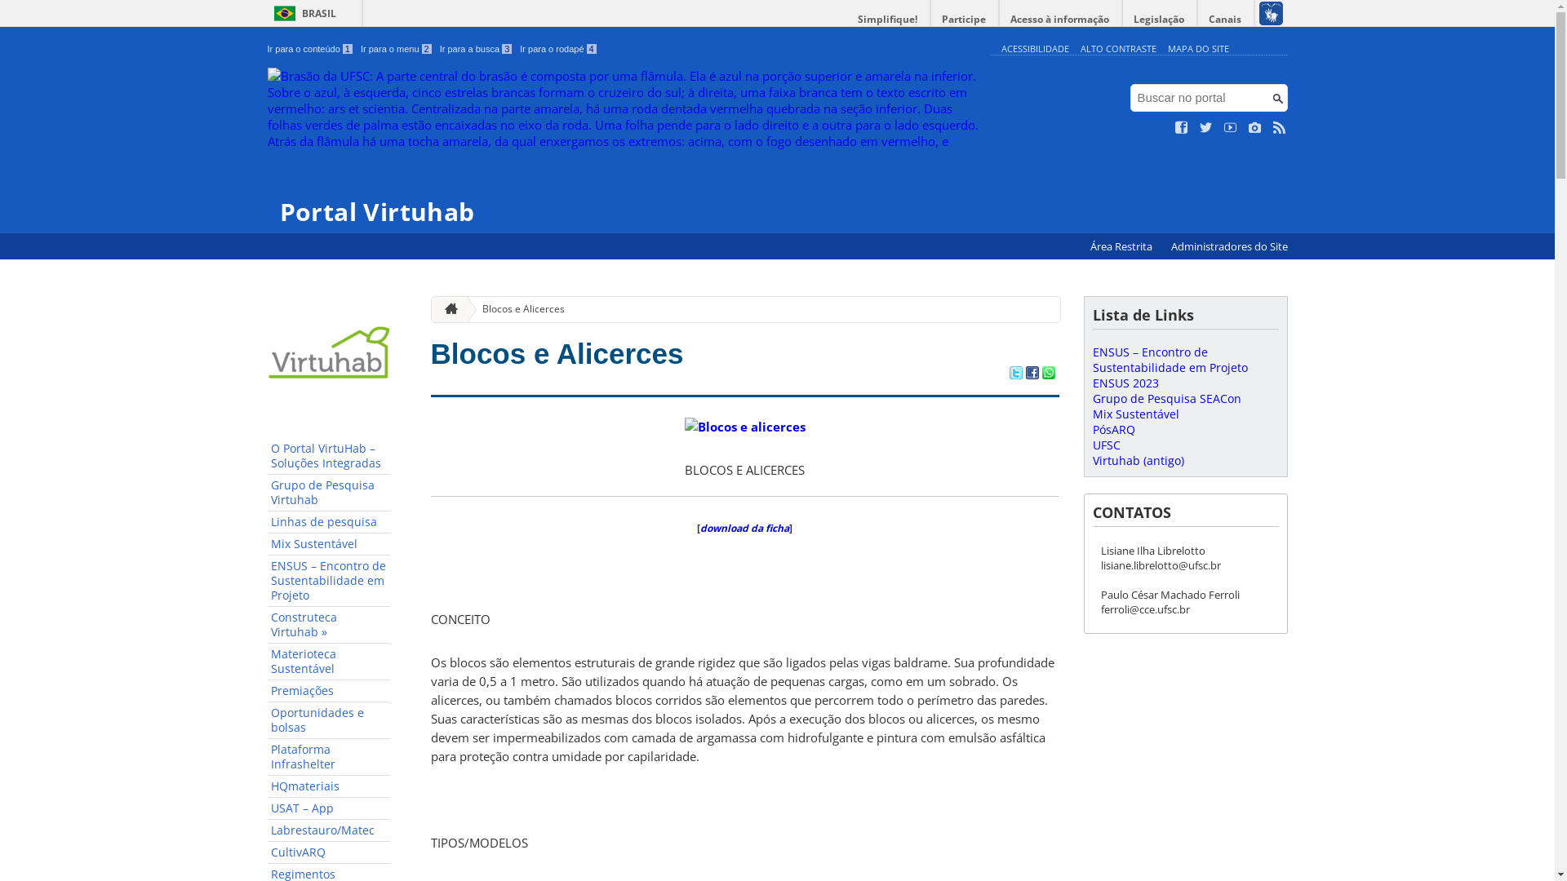  Describe the element at coordinates (1136, 460) in the screenshot. I see `'Virtuhab (antigo)'` at that location.